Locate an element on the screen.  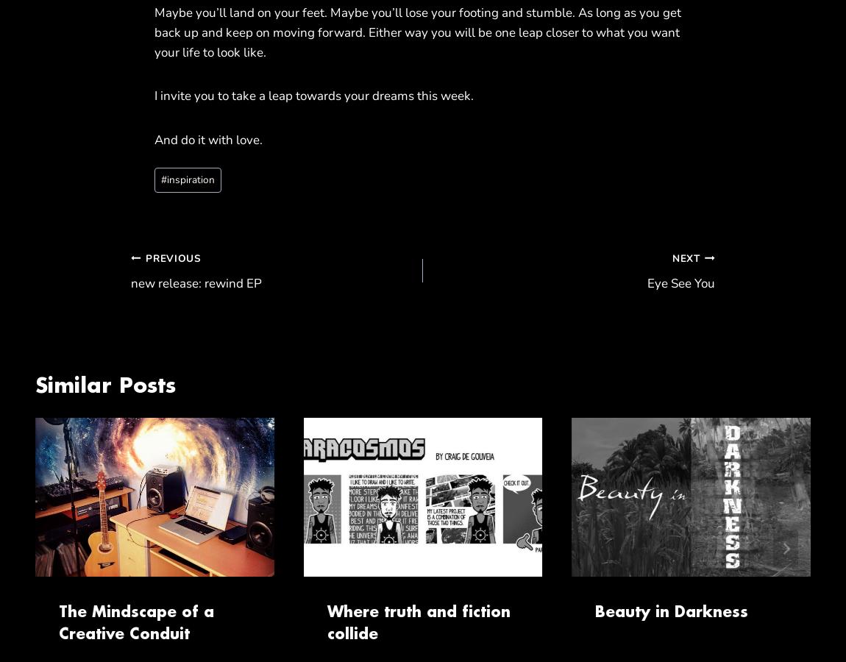
'And do it with love.' is located at coordinates (207, 139).